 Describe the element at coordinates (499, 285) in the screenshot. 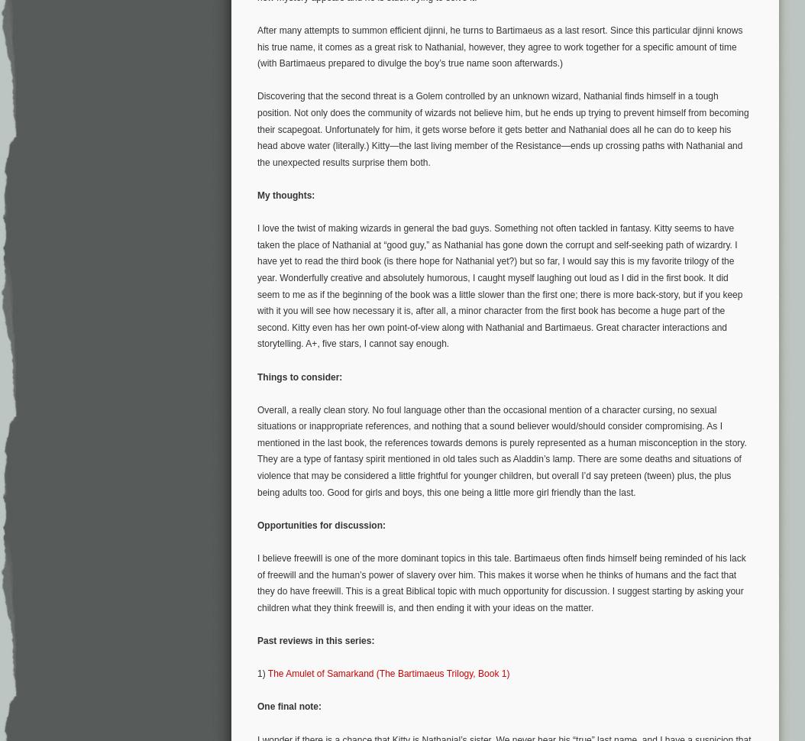

I see `'I love the twist of making wizards in general the bad guys. Something not often tackled in fantasy. Kitty seems to have taken the place of Nathanial at “good guy,” as Nathanial has gone down the corrupt and self-seeking path of wizardry. I have yet to read the third book (is there hope for Nathanial yet?) but so far, I would say this is my favorite trilogy of the year. Wonderfully creative and absolutely humorous, I caught myself laughing out loud as I did in the first book. It did seem to me as if the beginning of the book was a little slower than the first one; there is more back-story, but if you keep with it you will see how necessary it is, after all, a minor character from the first book has become a huge part of the second. Kitty even has her own point-of-view along with Nathanial and Bartimaeus. Great character interactions and storytelling. A+, five stars, I cannot say enough.'` at that location.